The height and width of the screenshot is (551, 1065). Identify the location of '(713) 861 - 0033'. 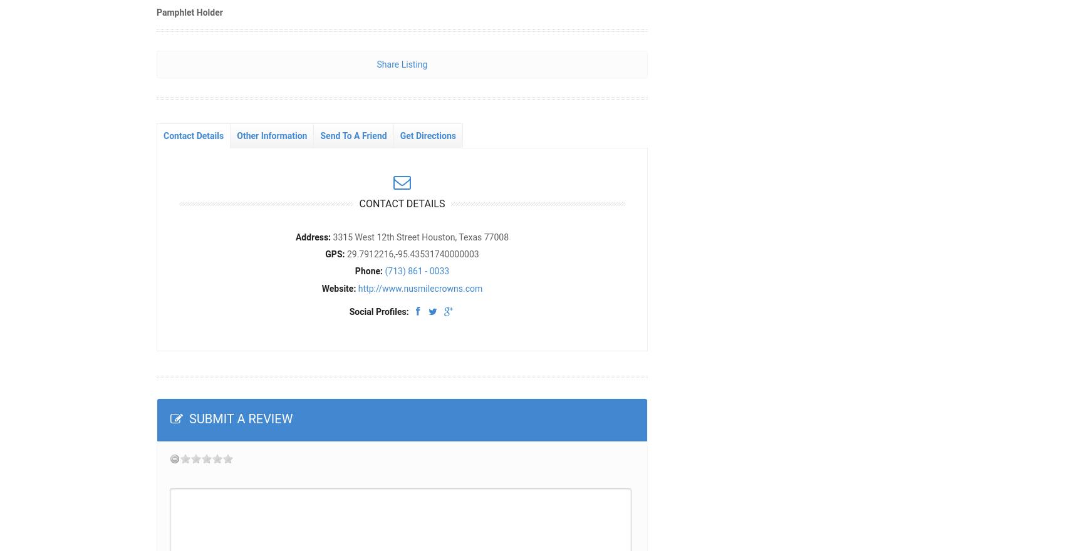
(417, 270).